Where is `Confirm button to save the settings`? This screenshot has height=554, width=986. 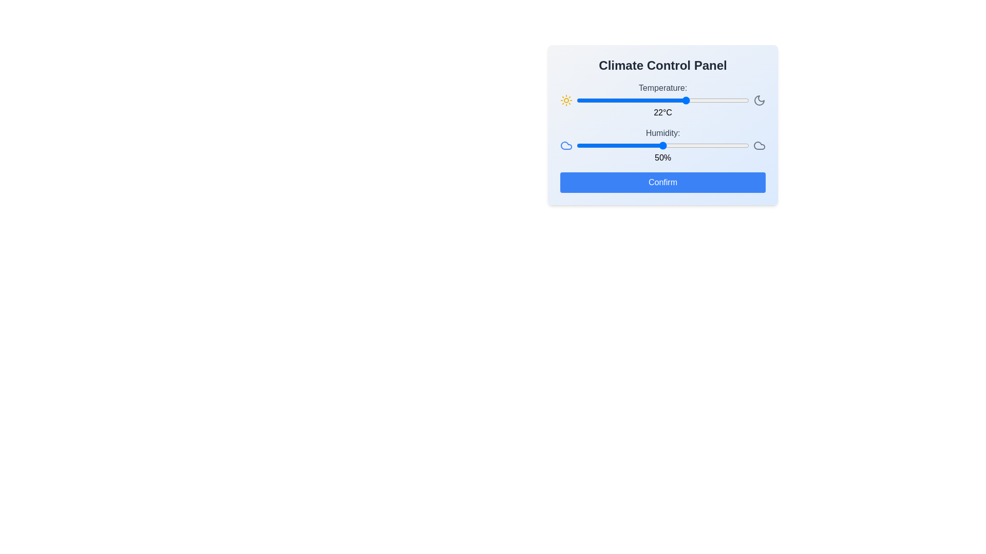
Confirm button to save the settings is located at coordinates (663, 182).